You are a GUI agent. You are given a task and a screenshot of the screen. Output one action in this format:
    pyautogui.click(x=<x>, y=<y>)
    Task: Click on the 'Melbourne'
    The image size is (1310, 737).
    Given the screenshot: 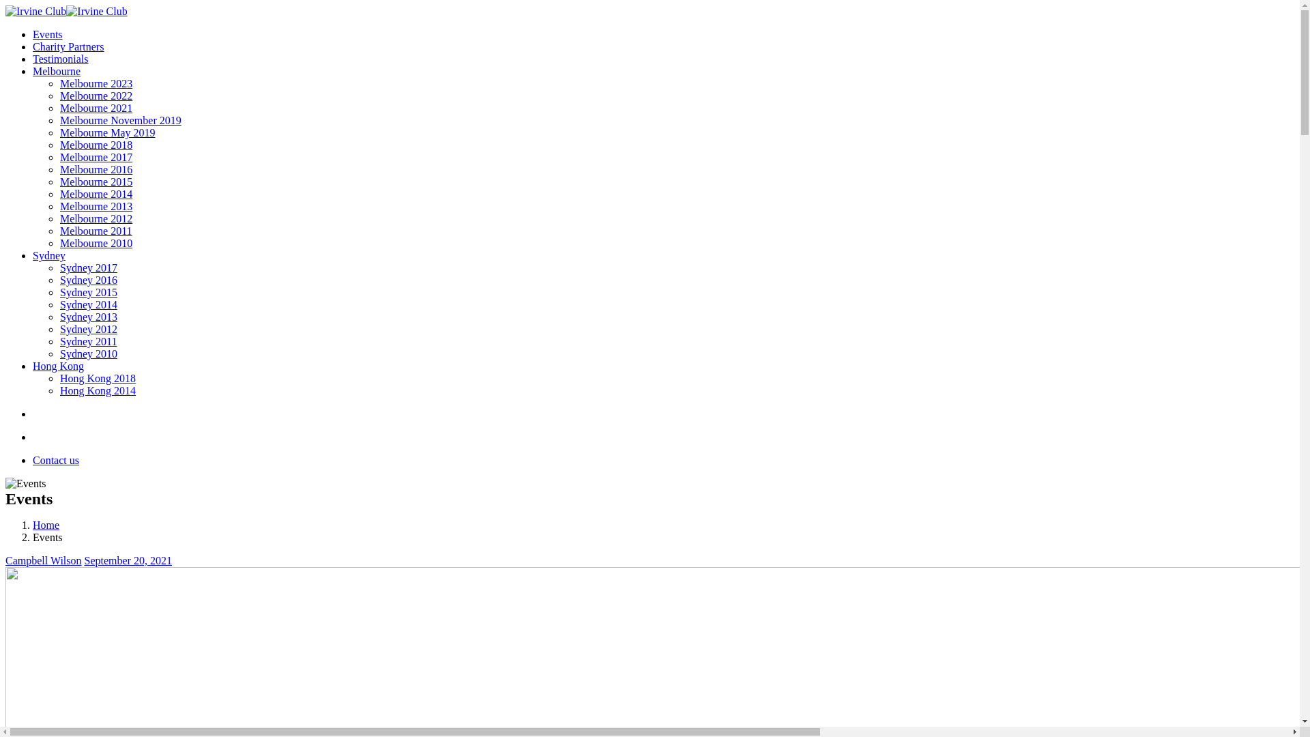 What is the action you would take?
    pyautogui.click(x=55, y=71)
    